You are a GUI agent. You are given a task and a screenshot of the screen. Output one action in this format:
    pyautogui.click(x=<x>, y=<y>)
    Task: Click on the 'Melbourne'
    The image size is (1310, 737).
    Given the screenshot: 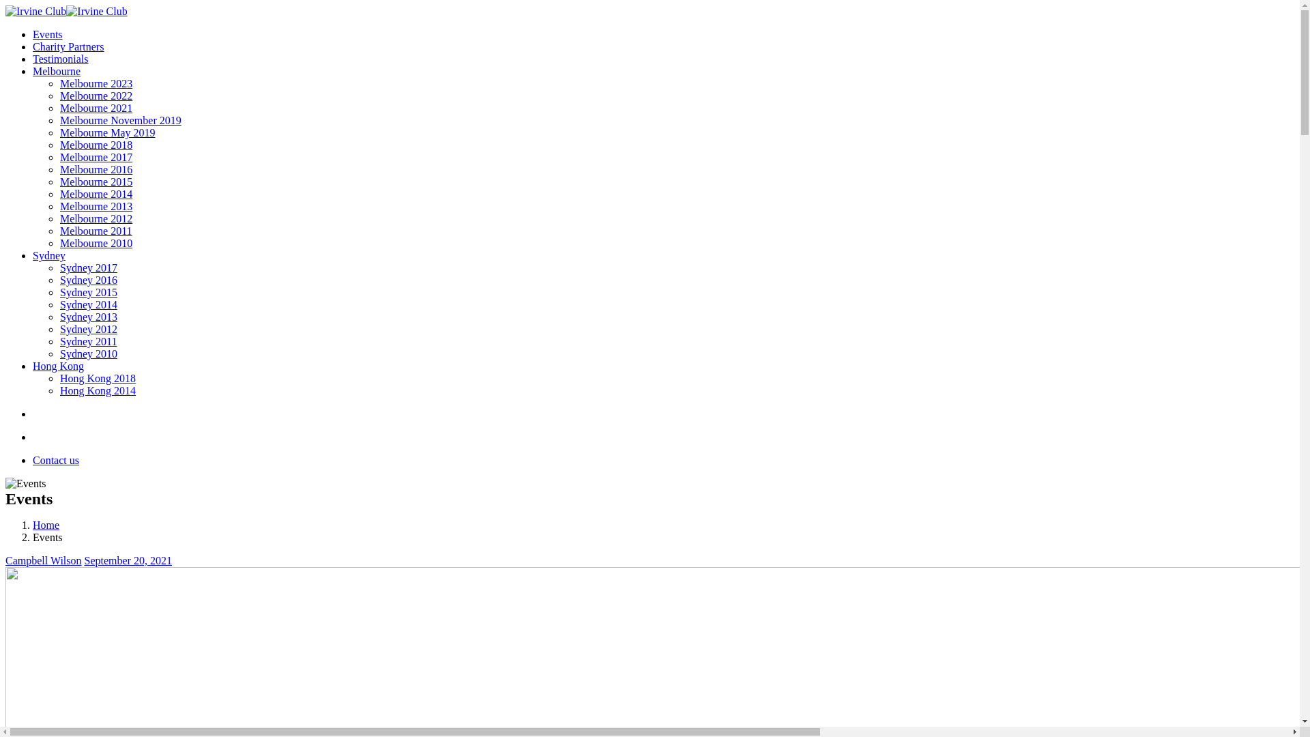 What is the action you would take?
    pyautogui.click(x=55, y=71)
    